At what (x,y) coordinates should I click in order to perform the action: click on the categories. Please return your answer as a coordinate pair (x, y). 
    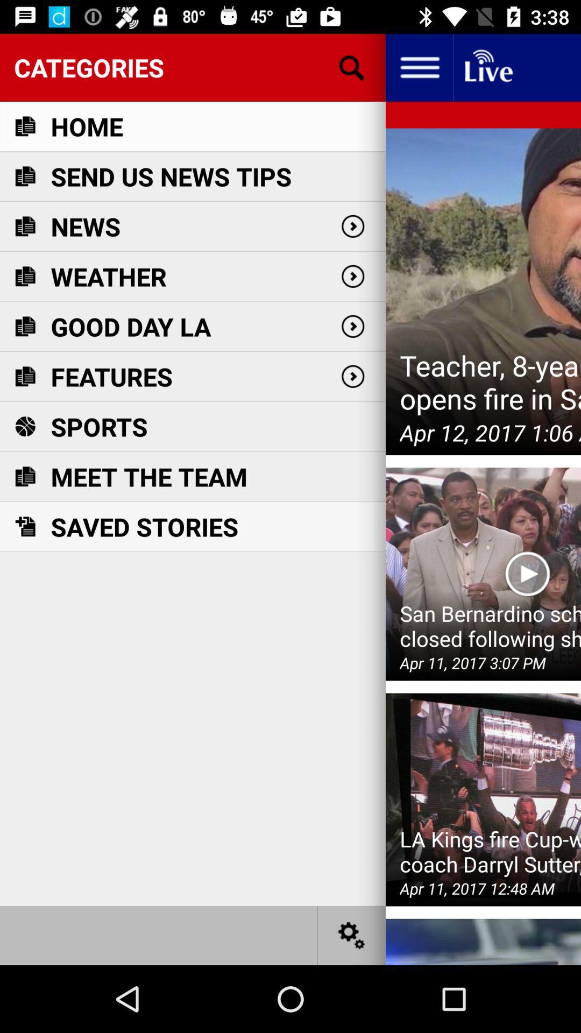
    Looking at the image, I should click on (192, 67).